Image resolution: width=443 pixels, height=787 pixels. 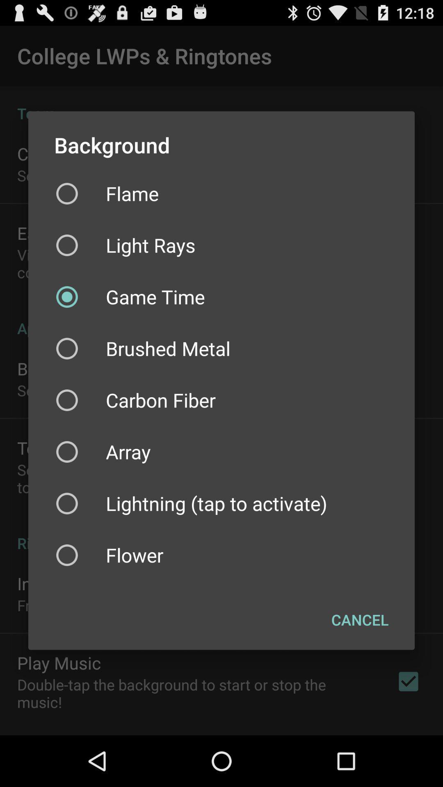 What do you see at coordinates (359, 620) in the screenshot?
I see `the cancel button` at bounding box center [359, 620].